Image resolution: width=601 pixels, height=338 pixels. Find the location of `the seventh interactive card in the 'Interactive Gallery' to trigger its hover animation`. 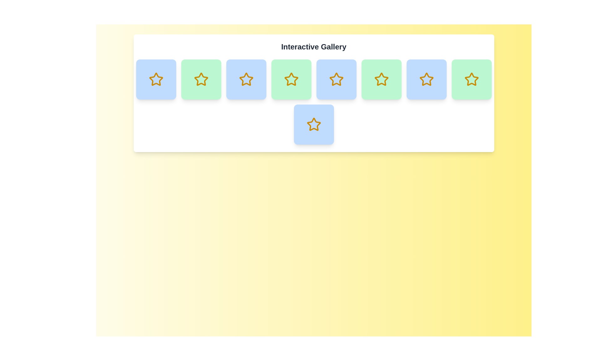

the seventh interactive card in the 'Interactive Gallery' to trigger its hover animation is located at coordinates (426, 79).